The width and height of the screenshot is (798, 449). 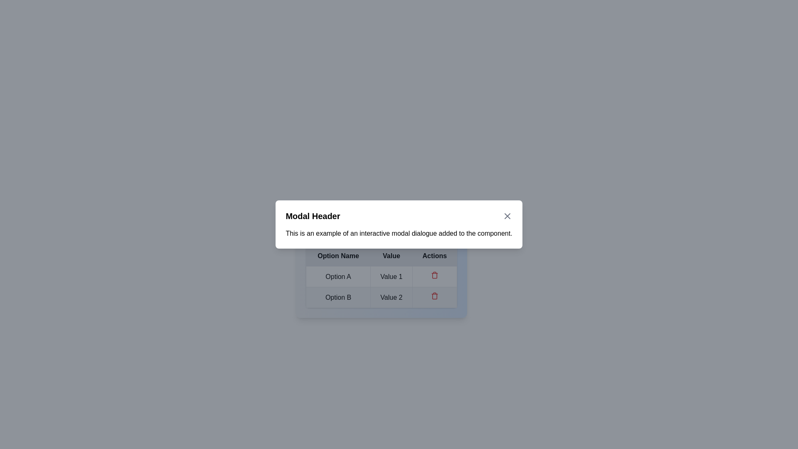 I want to click on the table row containing 'Option B' and 'Value 2' for interaction, located in the second row of the modal dialog, so click(x=381, y=296).